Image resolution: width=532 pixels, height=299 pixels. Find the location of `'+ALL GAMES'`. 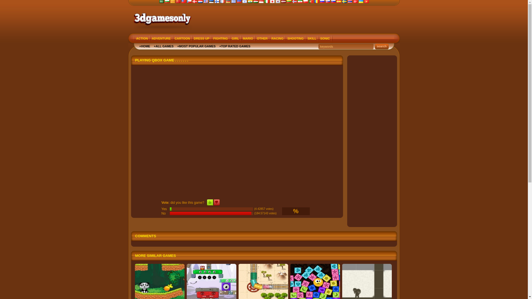

'+ALL GAMES' is located at coordinates (163, 46).